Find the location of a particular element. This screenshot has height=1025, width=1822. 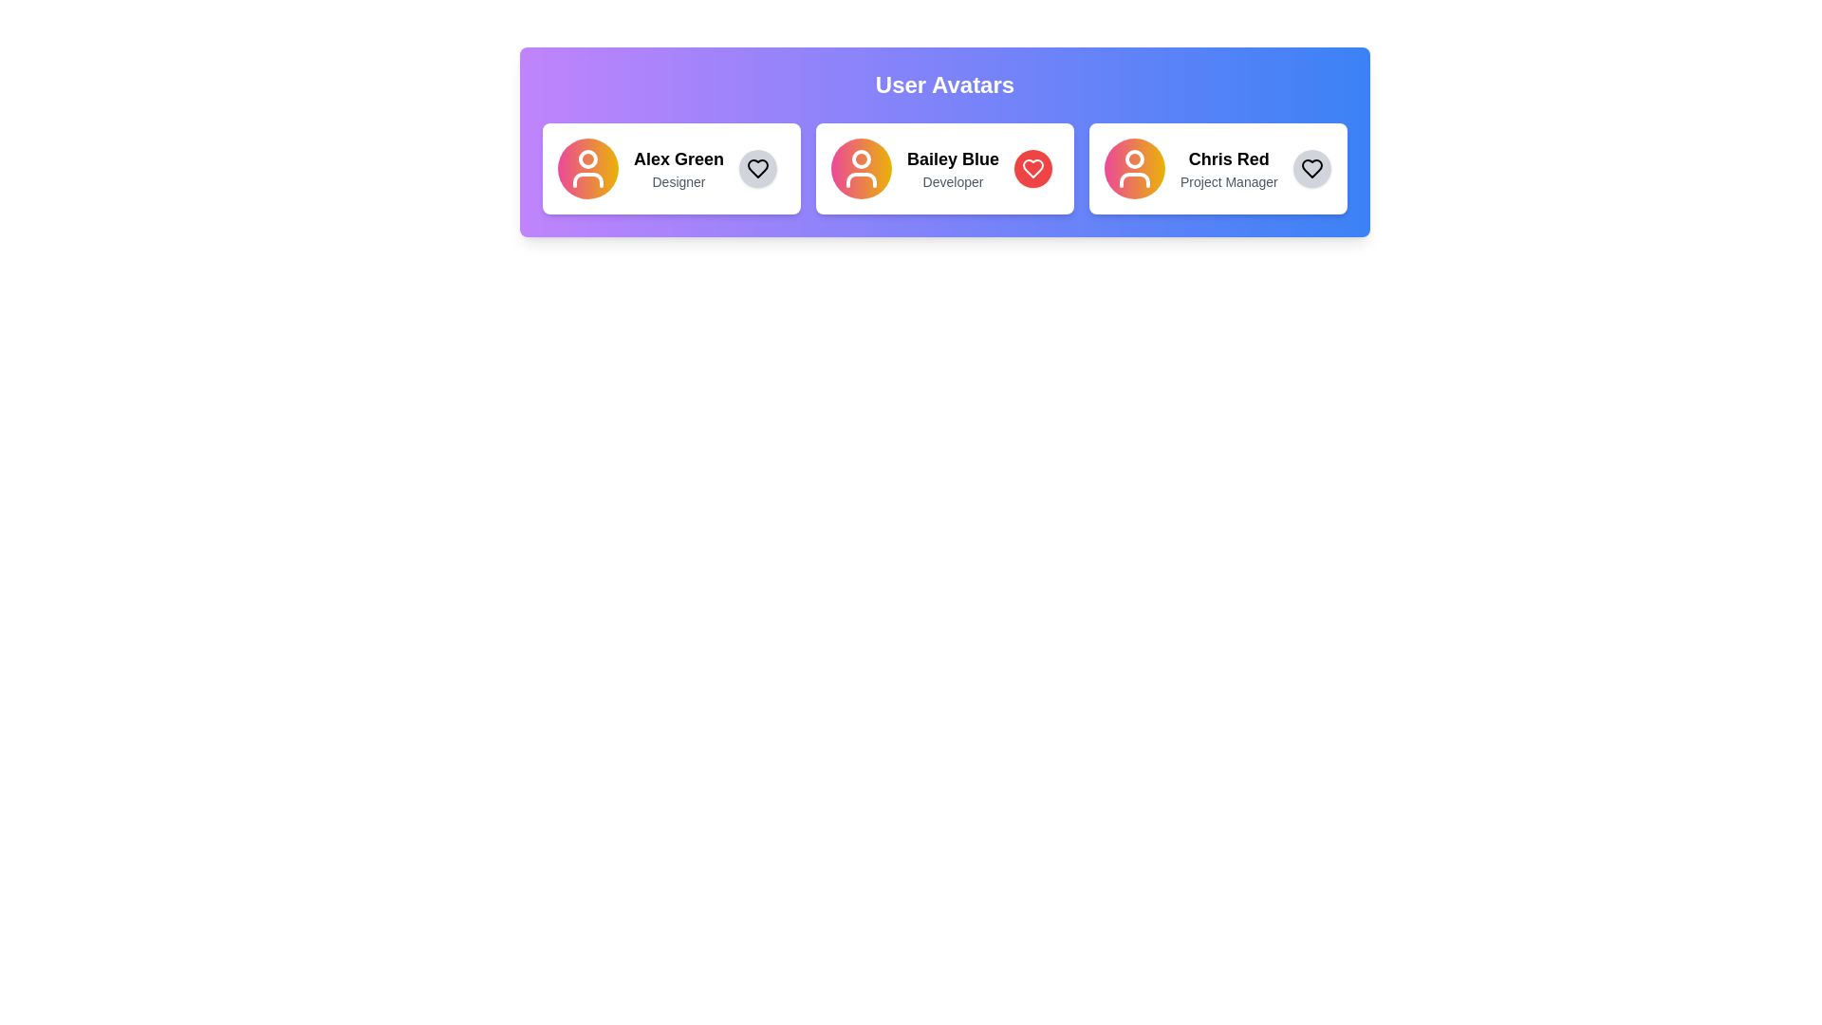

the text label 'Chris Red' styled in bold within the user avatar section is located at coordinates (1229, 158).